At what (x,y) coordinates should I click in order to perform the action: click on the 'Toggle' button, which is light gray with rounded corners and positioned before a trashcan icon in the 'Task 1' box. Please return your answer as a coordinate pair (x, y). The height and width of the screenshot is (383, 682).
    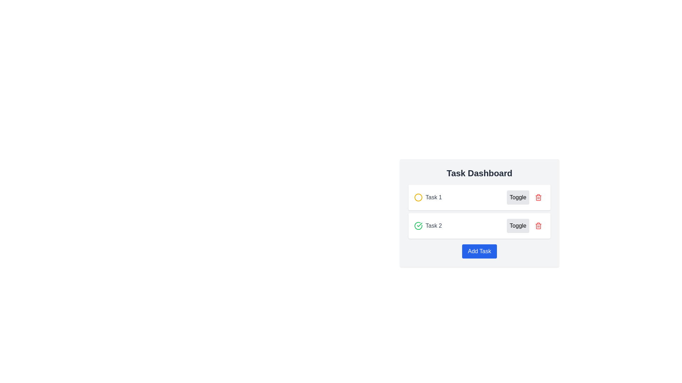
    Looking at the image, I should click on (526, 197).